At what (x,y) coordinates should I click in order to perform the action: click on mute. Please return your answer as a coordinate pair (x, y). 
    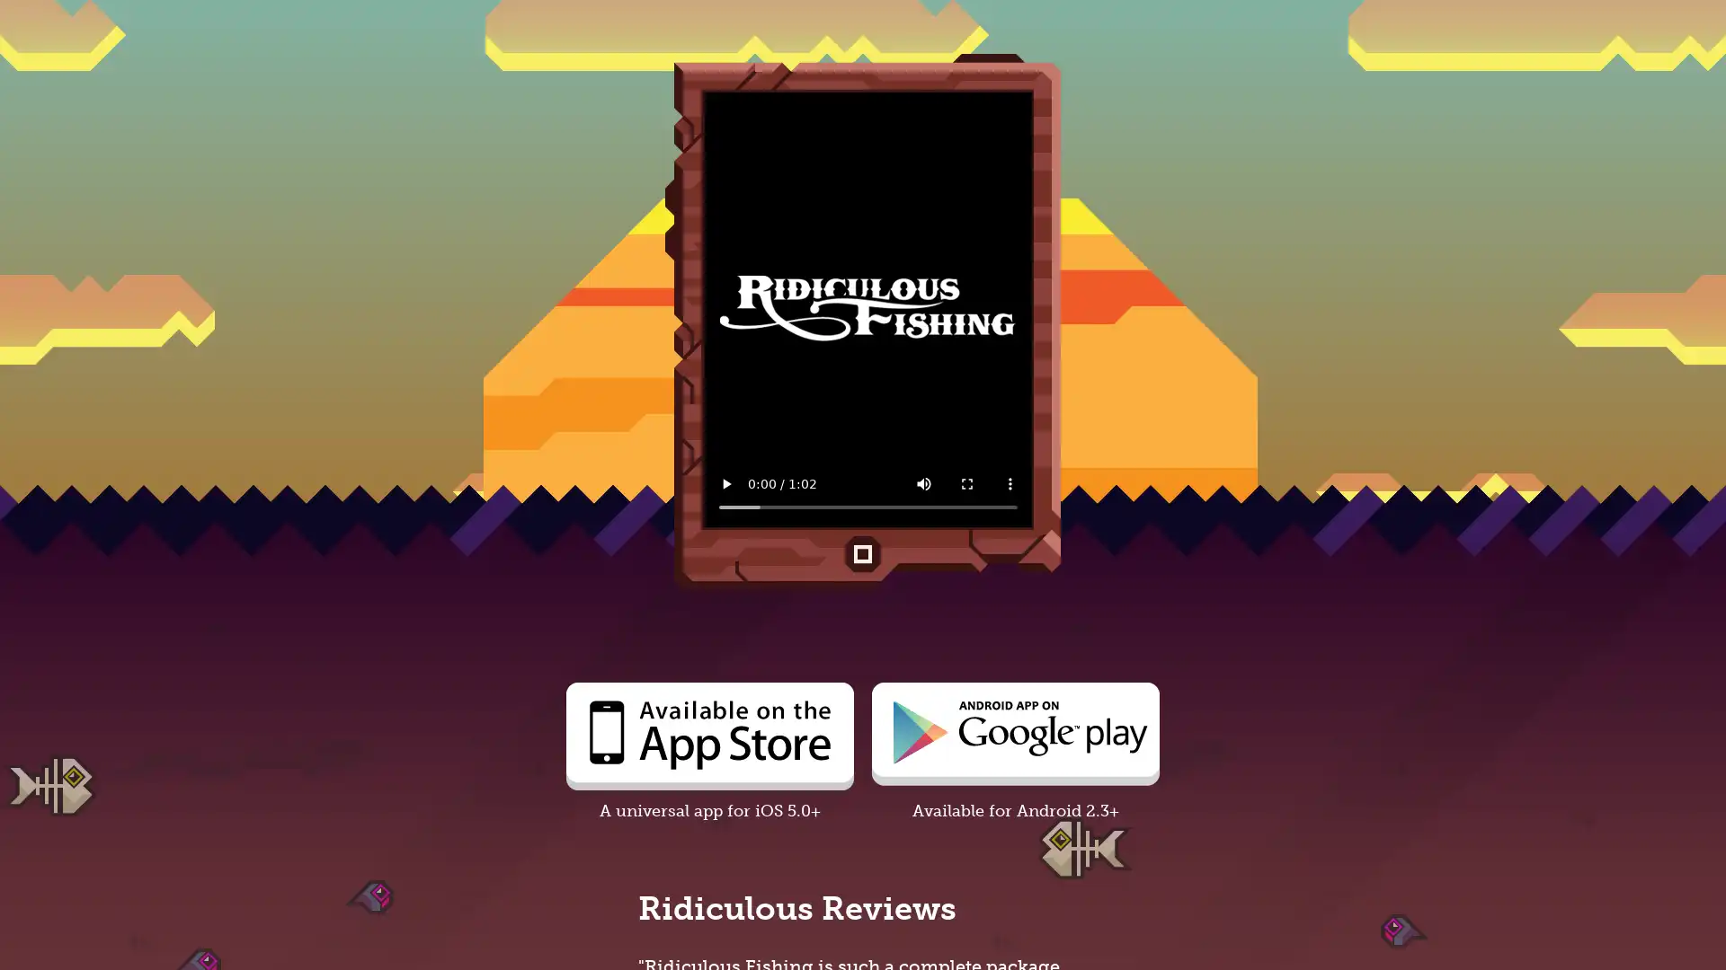
    Looking at the image, I should click on (923, 483).